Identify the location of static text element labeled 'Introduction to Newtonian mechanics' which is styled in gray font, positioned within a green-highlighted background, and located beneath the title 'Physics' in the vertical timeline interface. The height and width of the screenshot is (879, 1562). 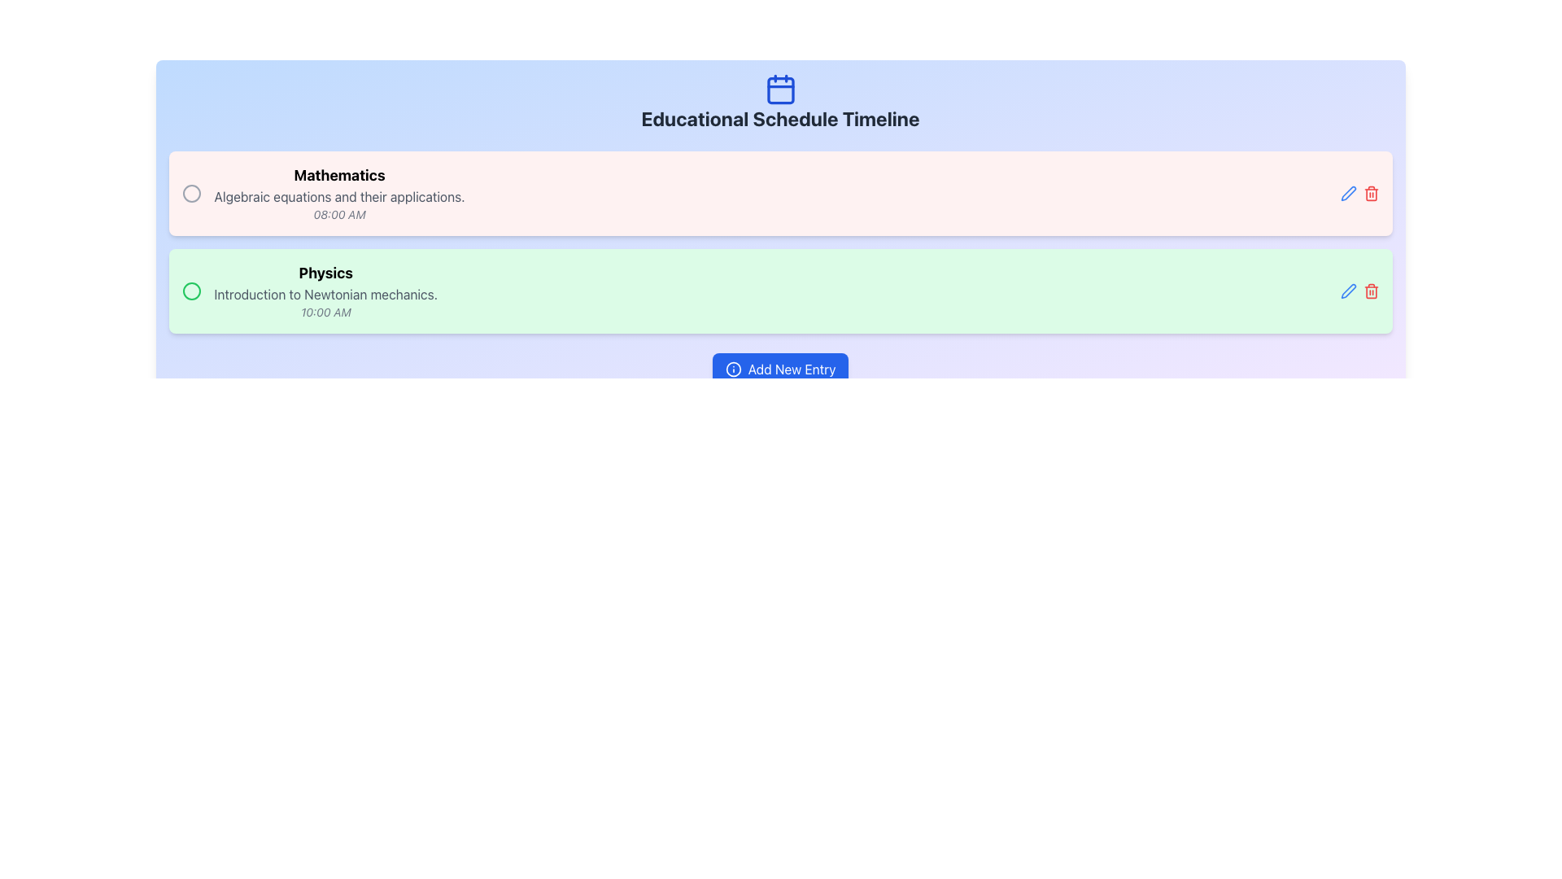
(325, 295).